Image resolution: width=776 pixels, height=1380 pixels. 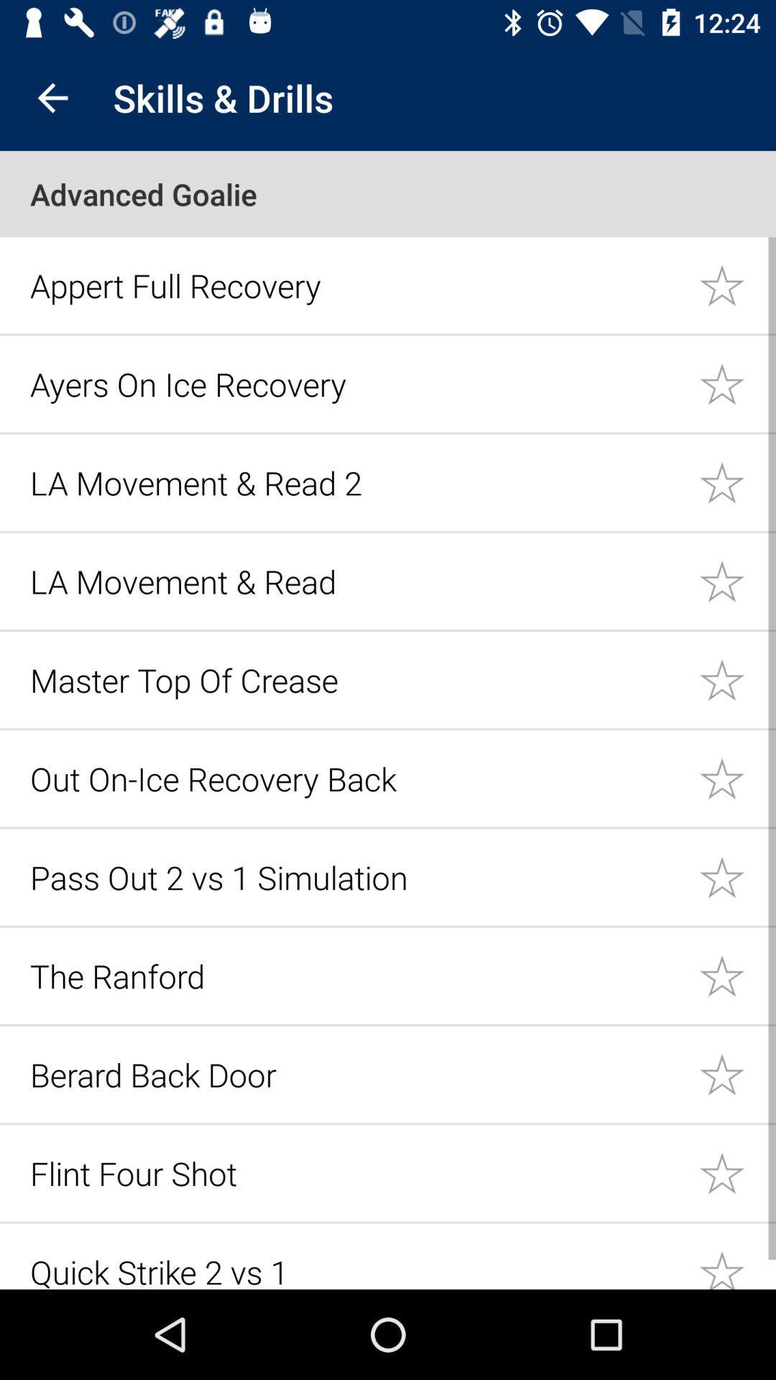 I want to click on the item below out on ice, so click(x=356, y=876).